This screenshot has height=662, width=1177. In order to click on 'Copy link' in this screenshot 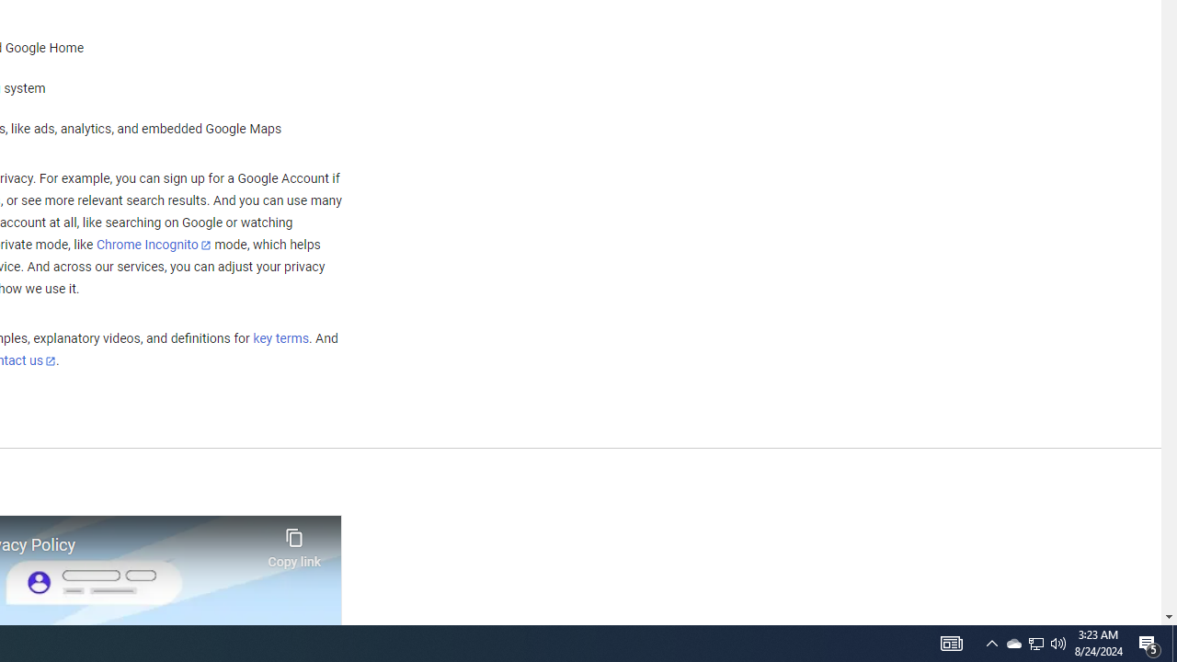, I will do `click(294, 542)`.